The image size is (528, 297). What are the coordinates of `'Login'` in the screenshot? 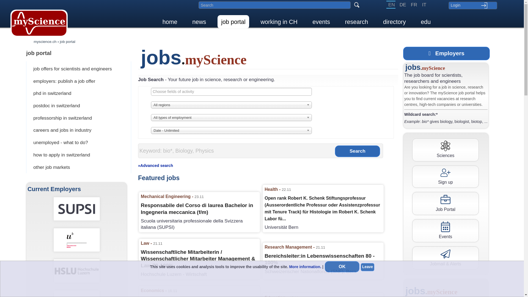 It's located at (449, 5).